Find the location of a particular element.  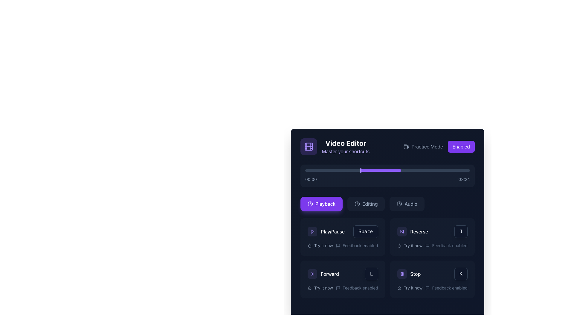

the violet button labeled 'Enabled' in the top-right corner of the application interface is located at coordinates (461, 147).